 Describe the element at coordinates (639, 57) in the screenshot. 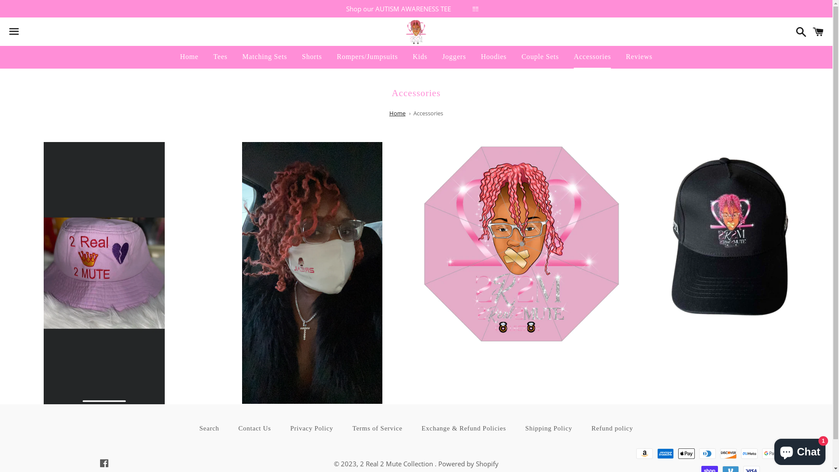

I see `'Reviews'` at that location.